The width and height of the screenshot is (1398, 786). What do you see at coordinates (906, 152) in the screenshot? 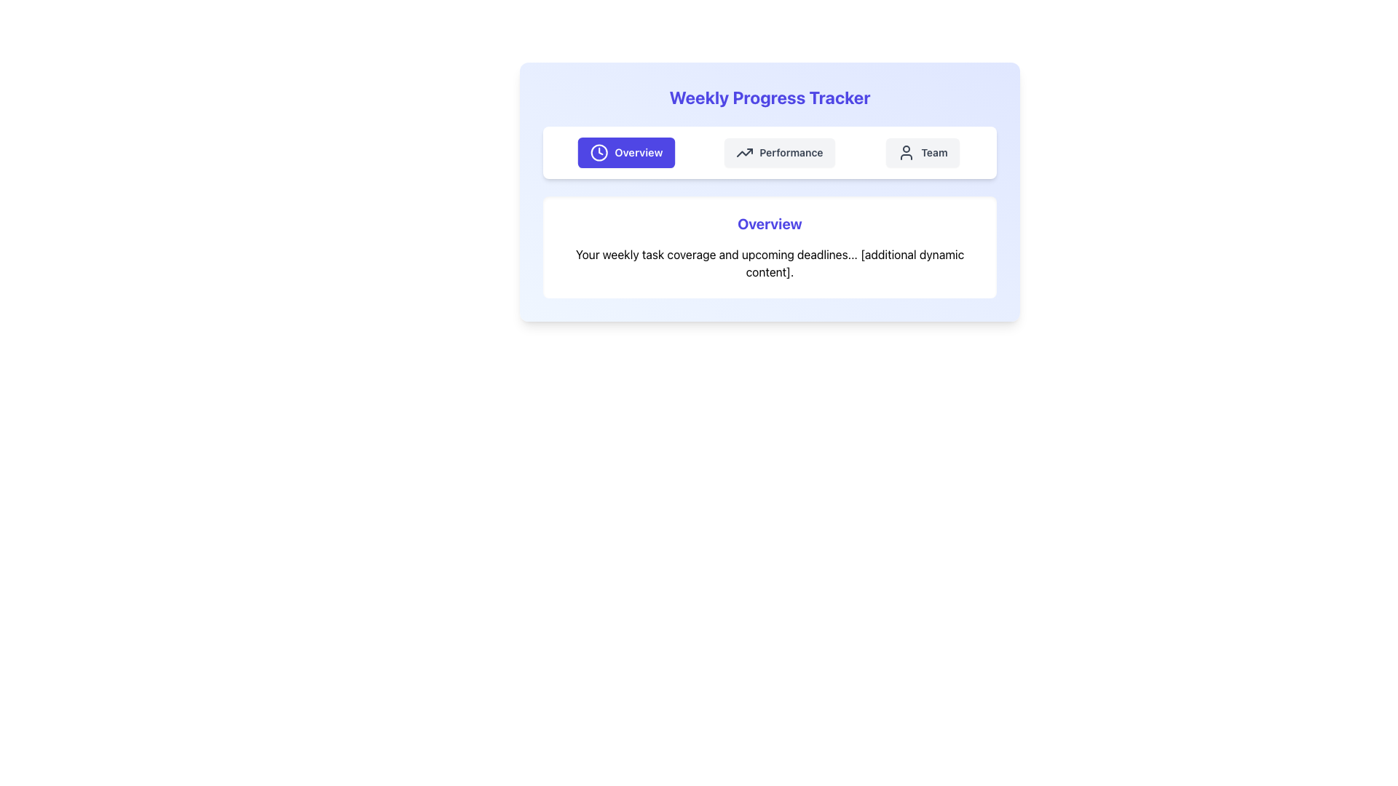
I see `the 'Team' button which is associated with team-related actions, located in the 'Weekly Progress Tracker' section` at bounding box center [906, 152].